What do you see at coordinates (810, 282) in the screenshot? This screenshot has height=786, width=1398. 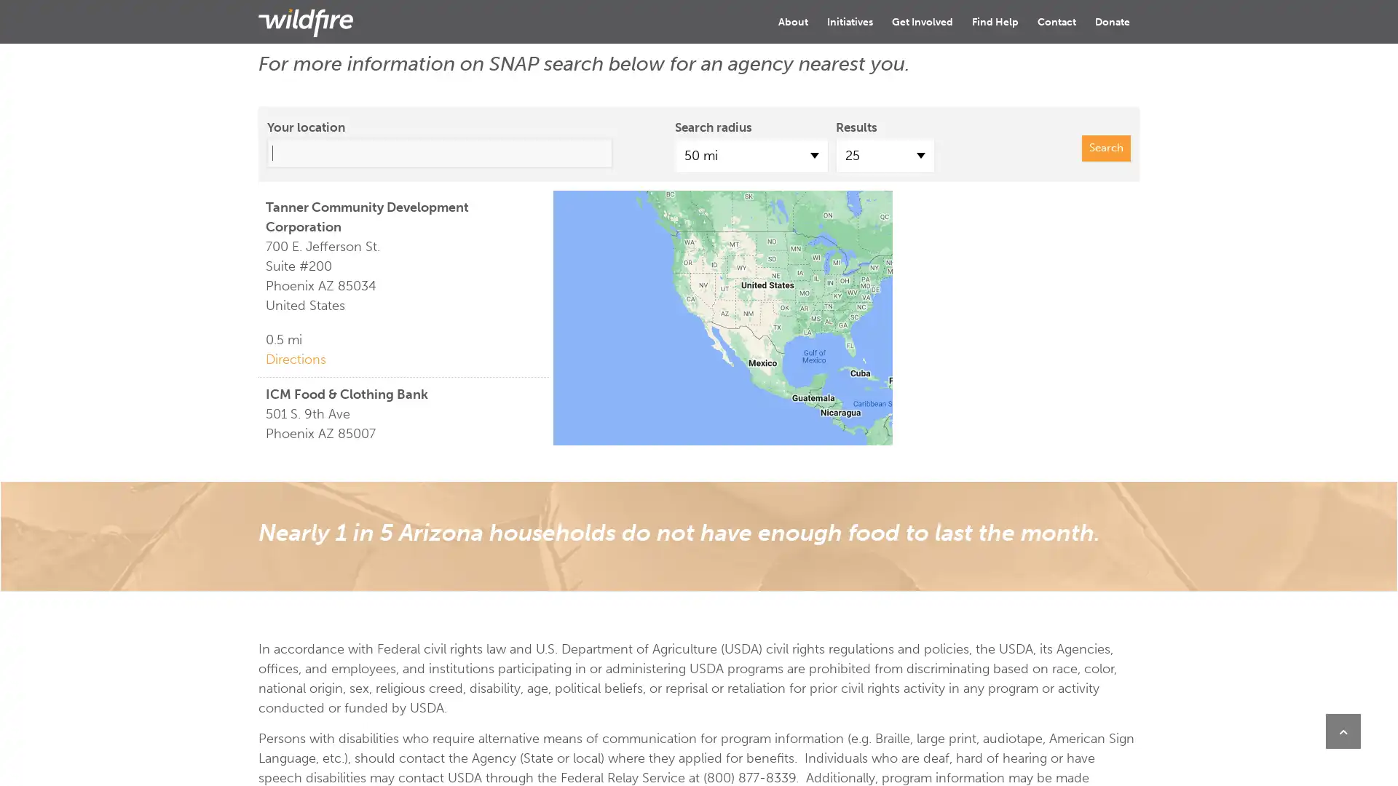 I see `Phoenix Dream Center` at bounding box center [810, 282].